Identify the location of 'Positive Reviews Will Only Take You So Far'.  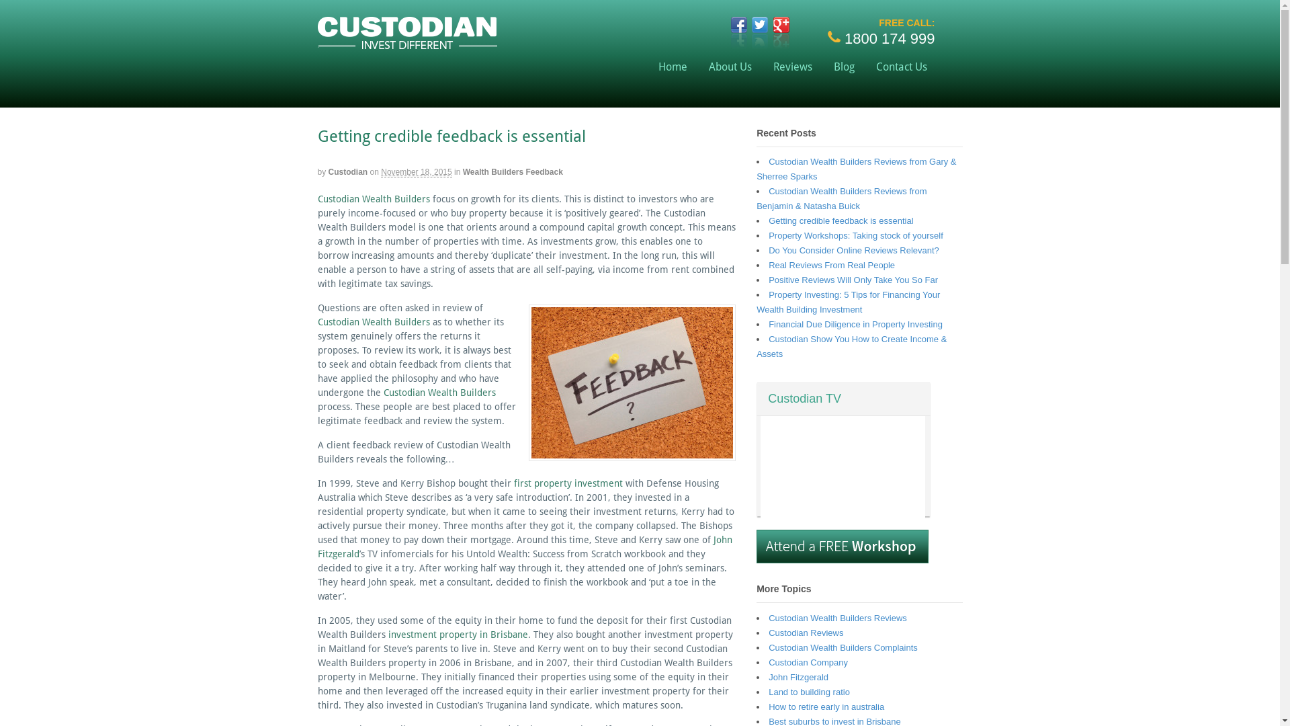
(853, 279).